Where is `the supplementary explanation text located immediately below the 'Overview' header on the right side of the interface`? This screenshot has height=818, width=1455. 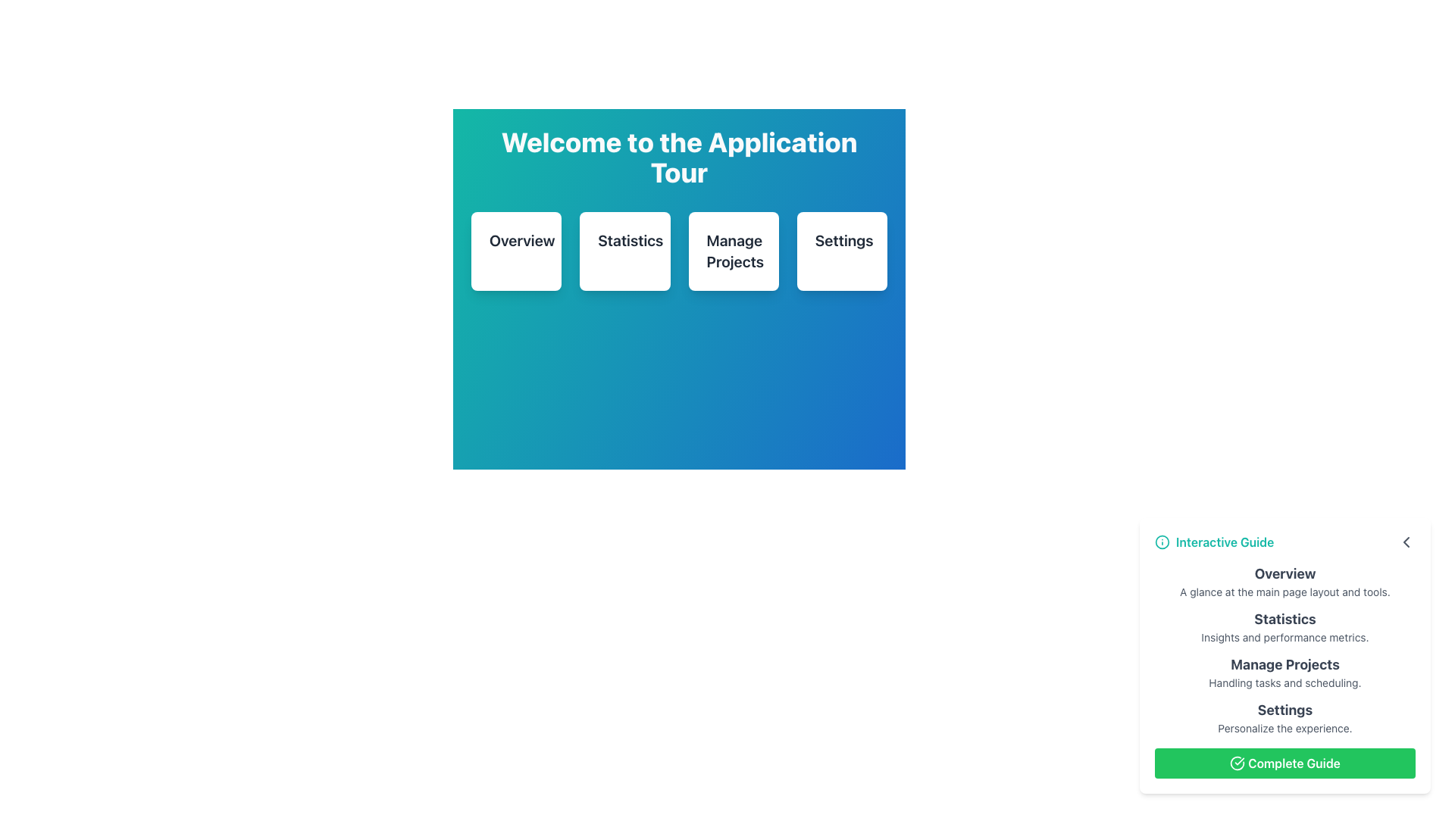 the supplementary explanation text located immediately below the 'Overview' header on the right side of the interface is located at coordinates (1284, 592).